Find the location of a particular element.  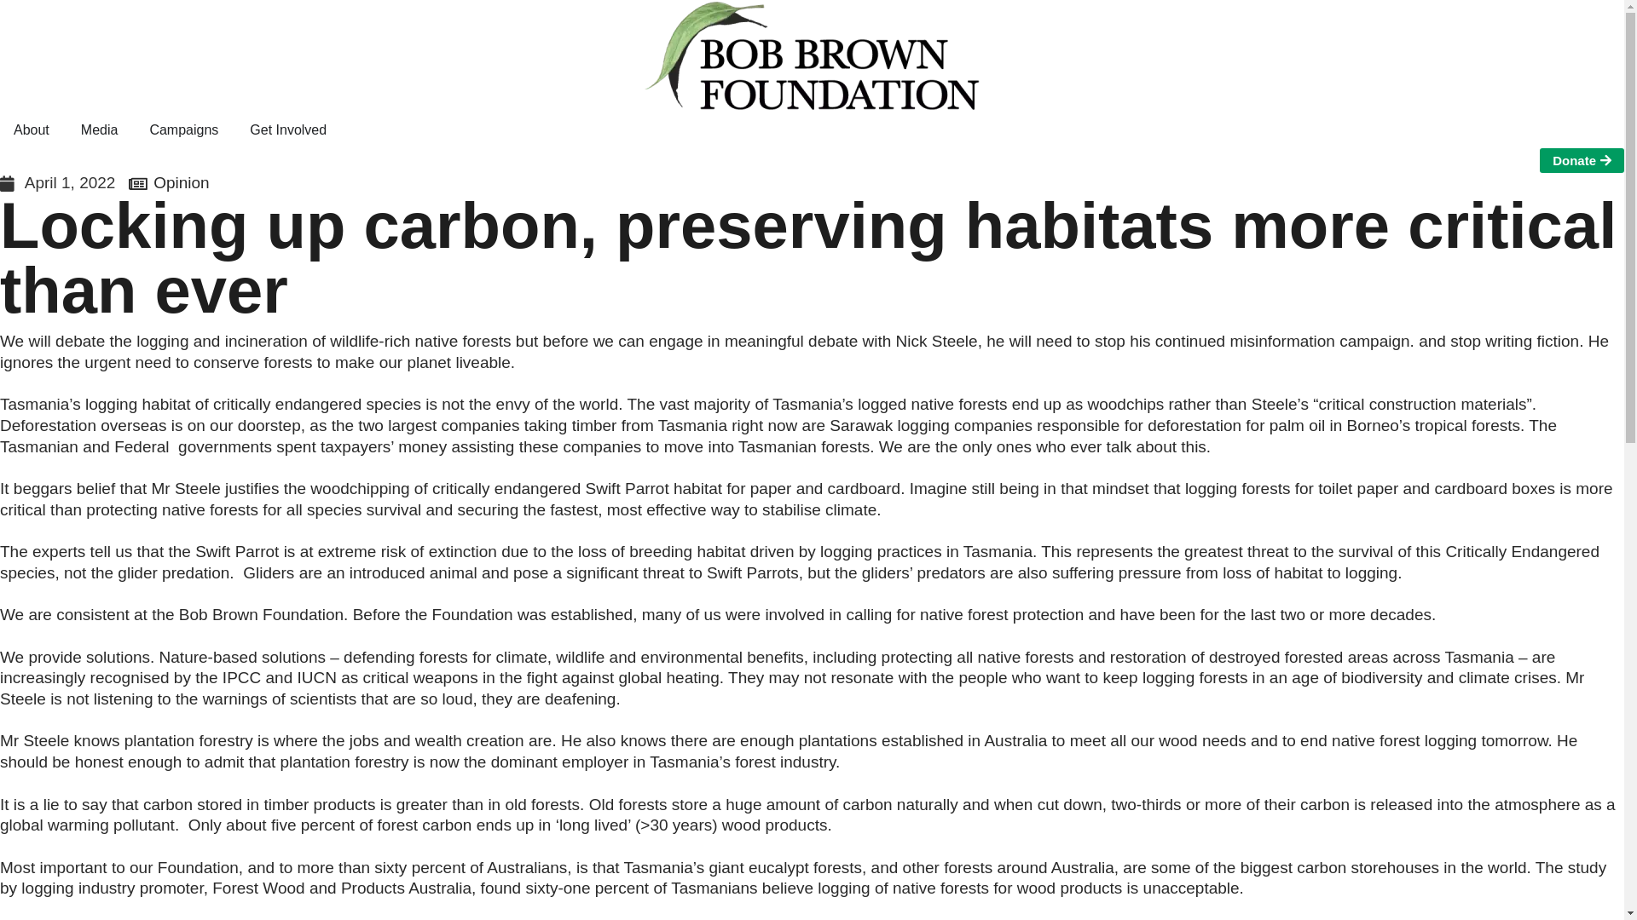

'April 1, 2022' is located at coordinates (0, 183).